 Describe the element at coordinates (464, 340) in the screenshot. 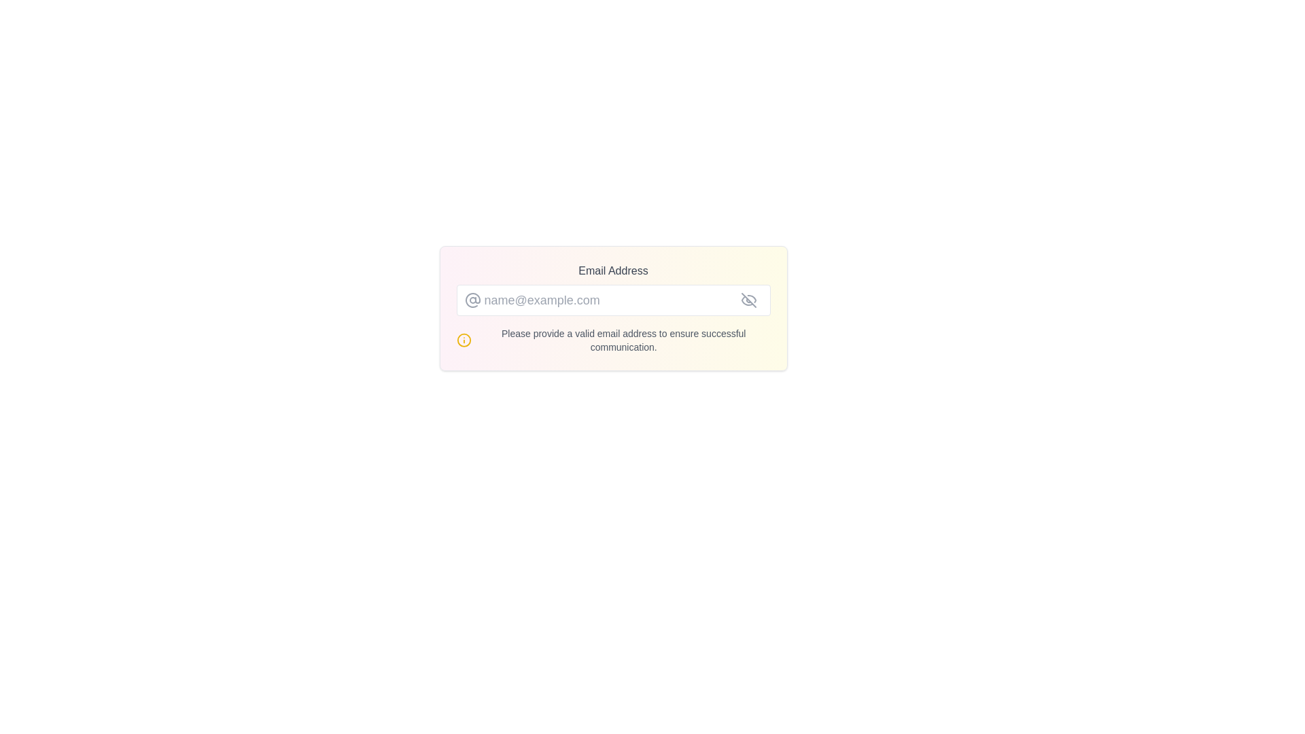

I see `the circular information icon with a yellow outline located to the immediate left of the text 'Please provide a valid email address to ensure successful communication.'` at that location.